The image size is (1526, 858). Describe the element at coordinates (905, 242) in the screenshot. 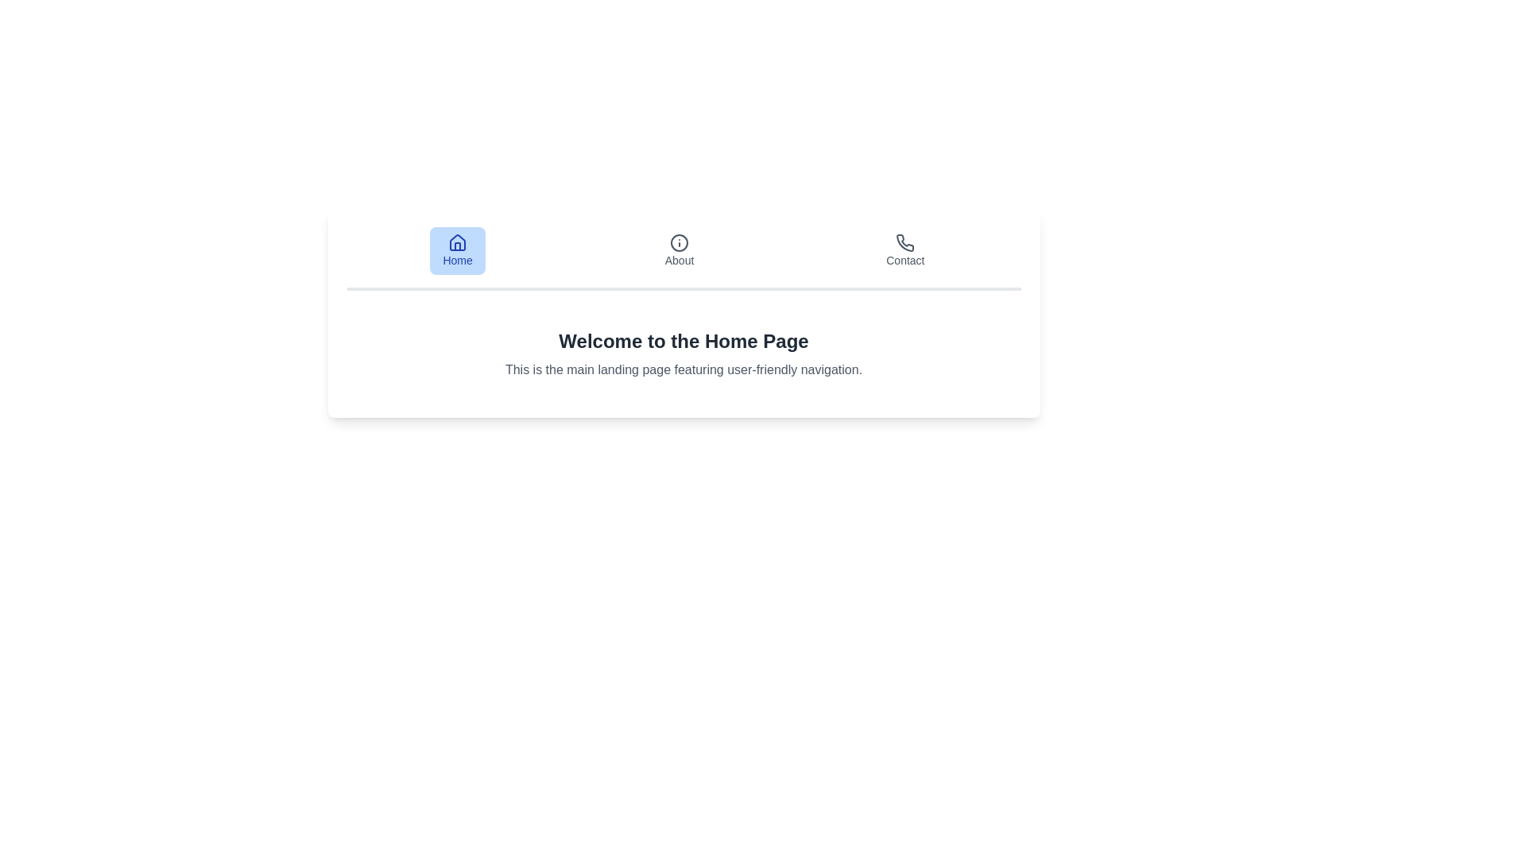

I see `the icon associated with the Contact tab` at that location.